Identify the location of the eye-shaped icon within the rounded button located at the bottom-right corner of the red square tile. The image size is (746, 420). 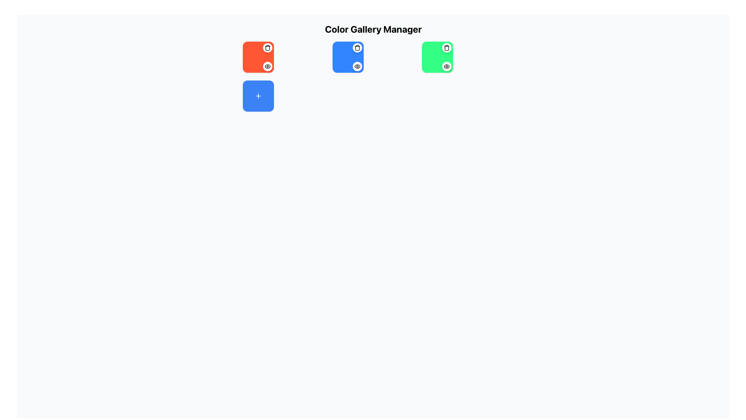
(268, 66).